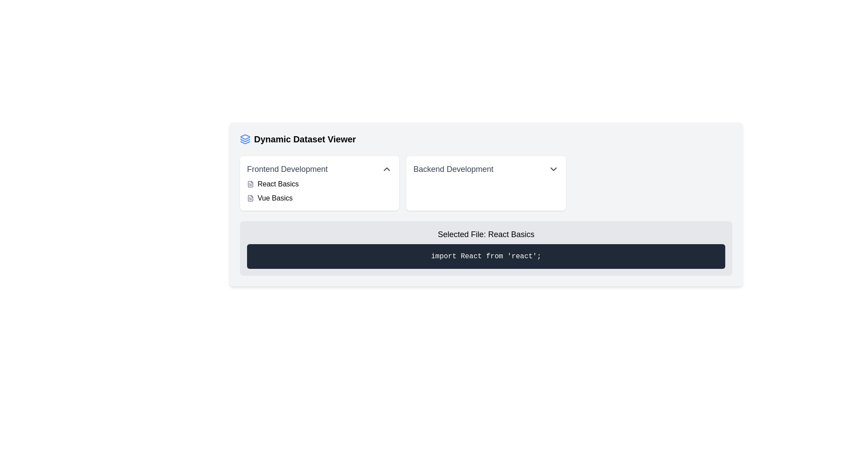 This screenshot has height=476, width=847. Describe the element at coordinates (486, 183) in the screenshot. I see `the 'Backend Development' dropdown menu` at that location.